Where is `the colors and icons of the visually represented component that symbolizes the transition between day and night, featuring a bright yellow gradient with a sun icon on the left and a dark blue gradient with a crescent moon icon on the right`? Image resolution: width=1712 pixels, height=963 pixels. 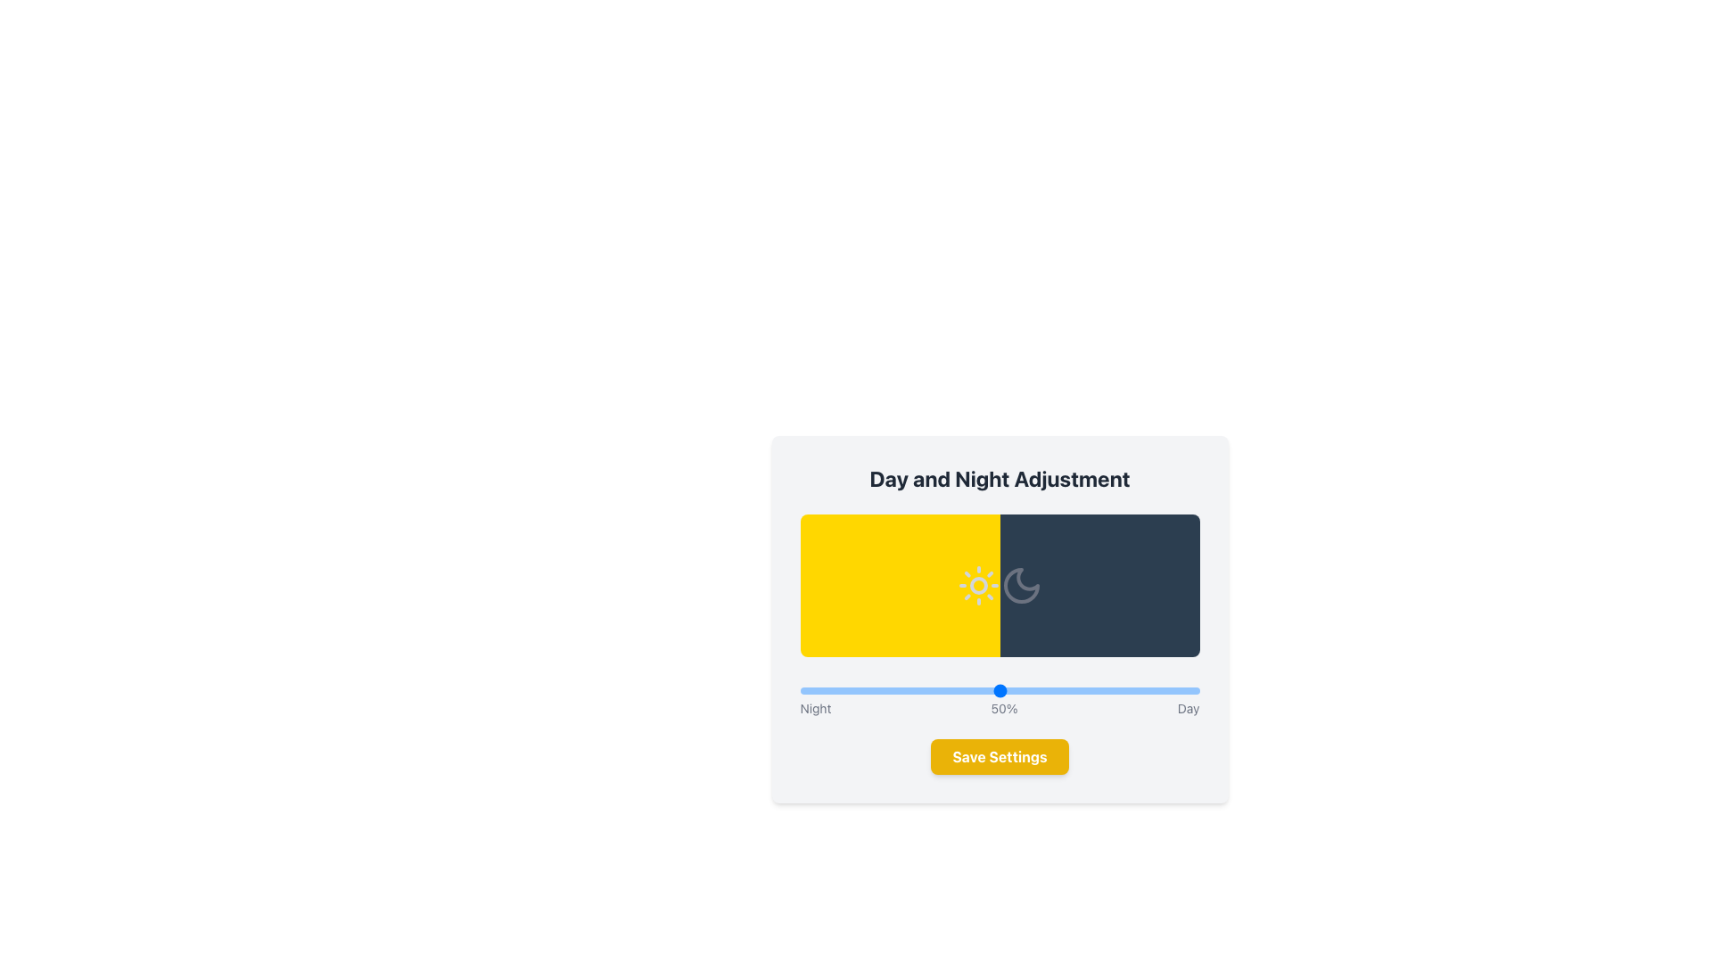
the colors and icons of the visually represented component that symbolizes the transition between day and night, featuring a bright yellow gradient with a sun icon on the left and a dark blue gradient with a crescent moon icon on the right is located at coordinates (1000, 585).